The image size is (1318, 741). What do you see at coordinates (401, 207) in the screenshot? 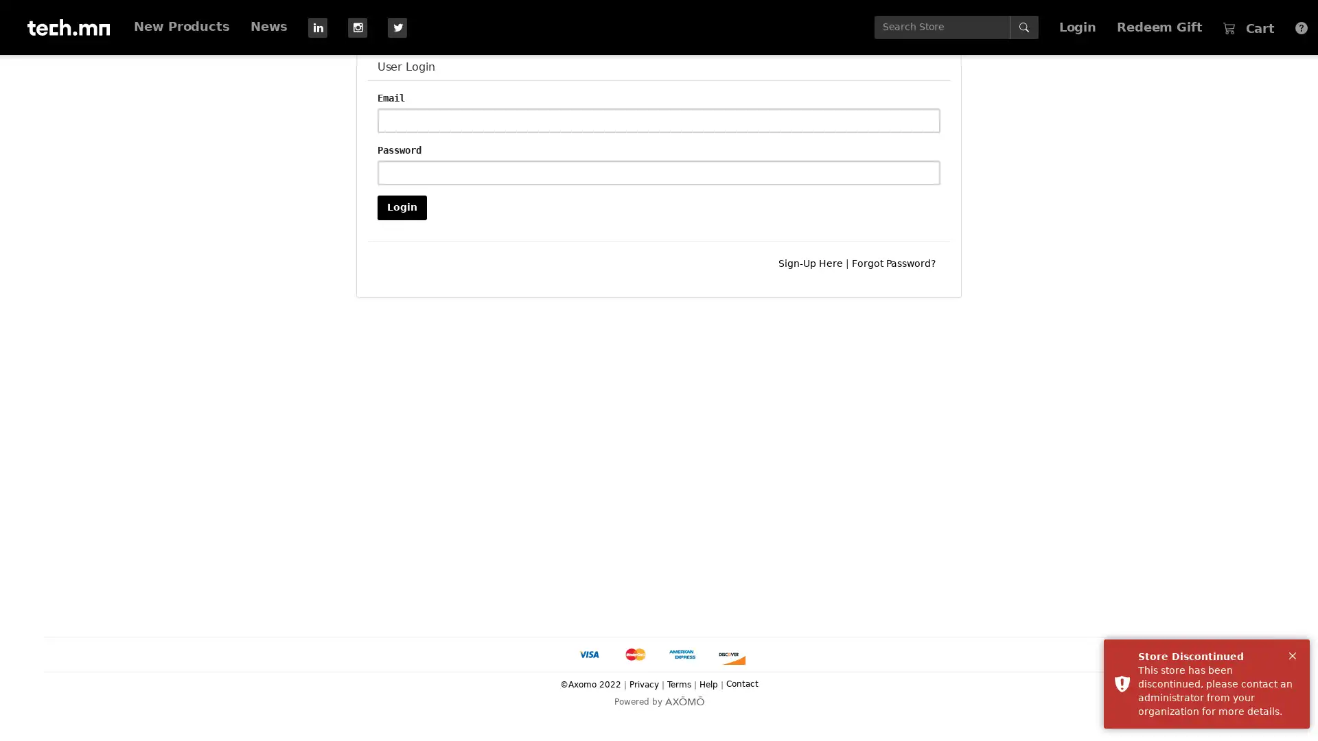
I see `Login` at bounding box center [401, 207].